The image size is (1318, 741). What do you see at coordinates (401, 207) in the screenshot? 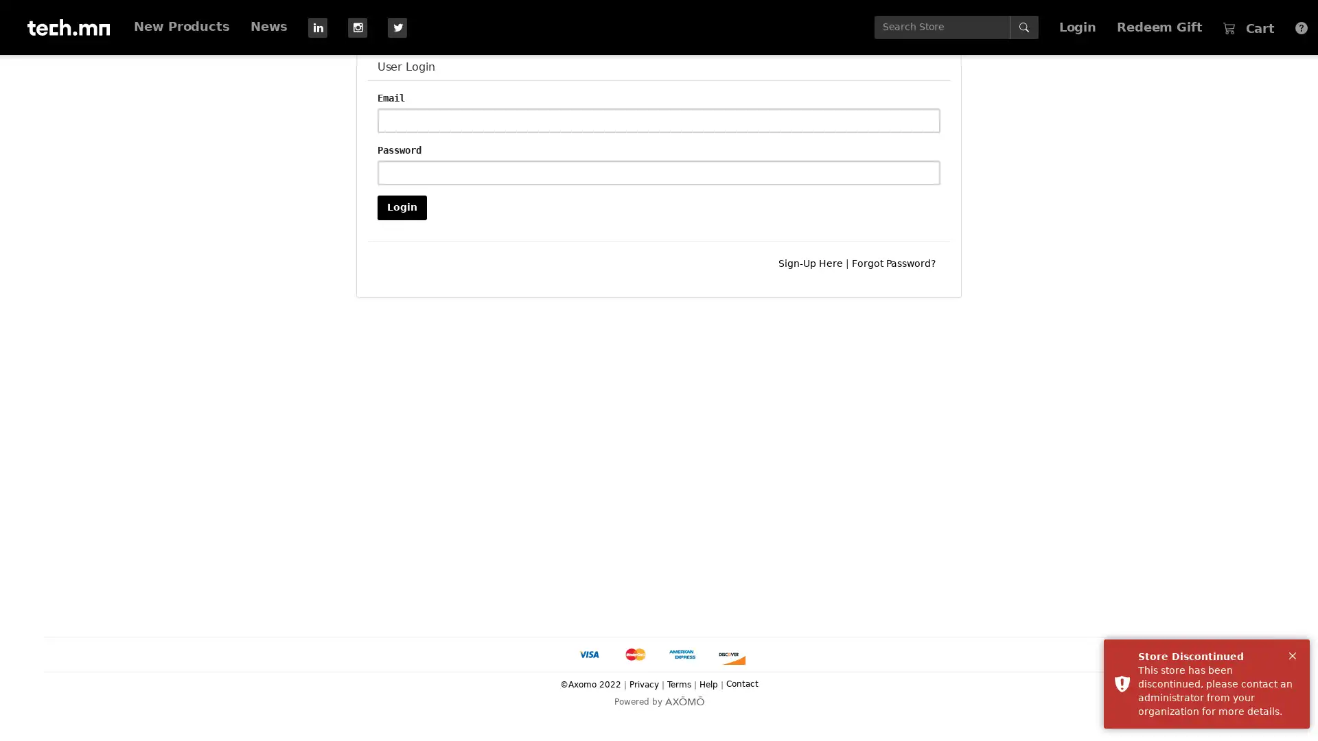
I see `Login` at bounding box center [401, 207].